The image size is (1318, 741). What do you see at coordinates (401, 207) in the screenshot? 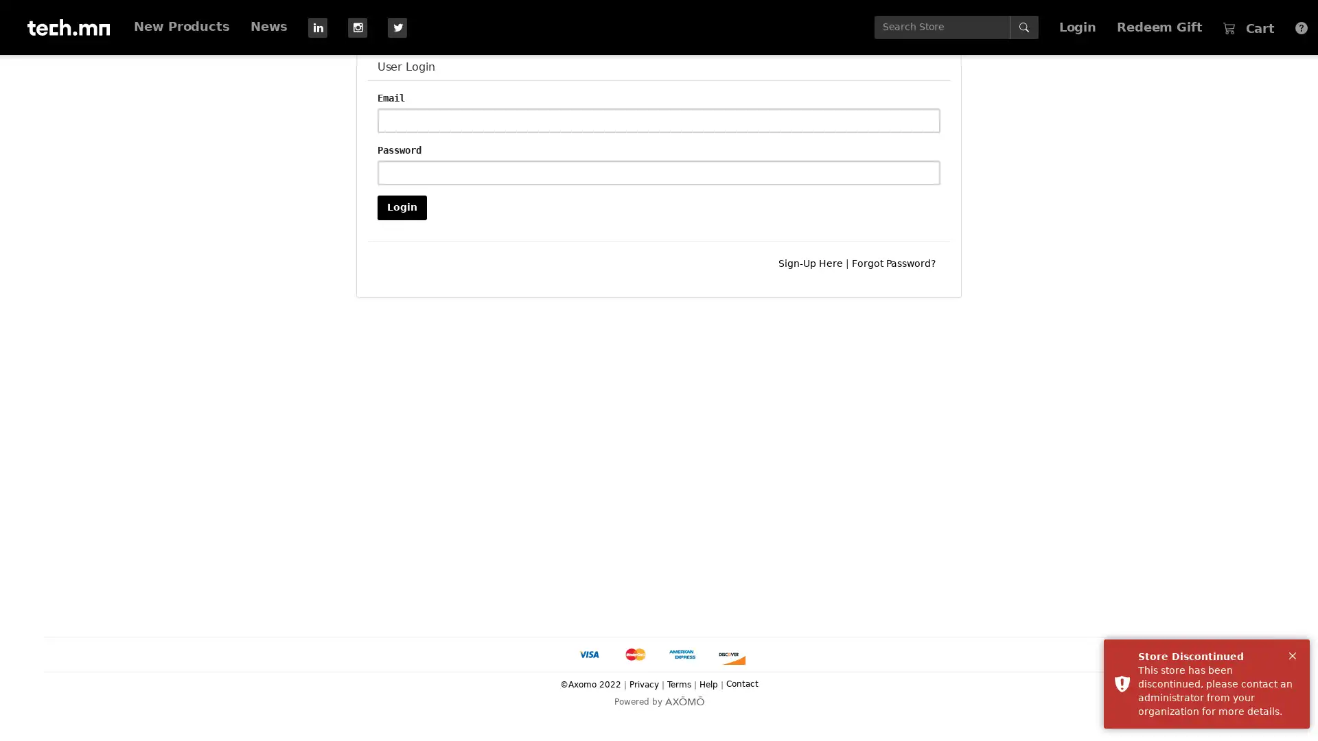
I see `Login` at bounding box center [401, 207].